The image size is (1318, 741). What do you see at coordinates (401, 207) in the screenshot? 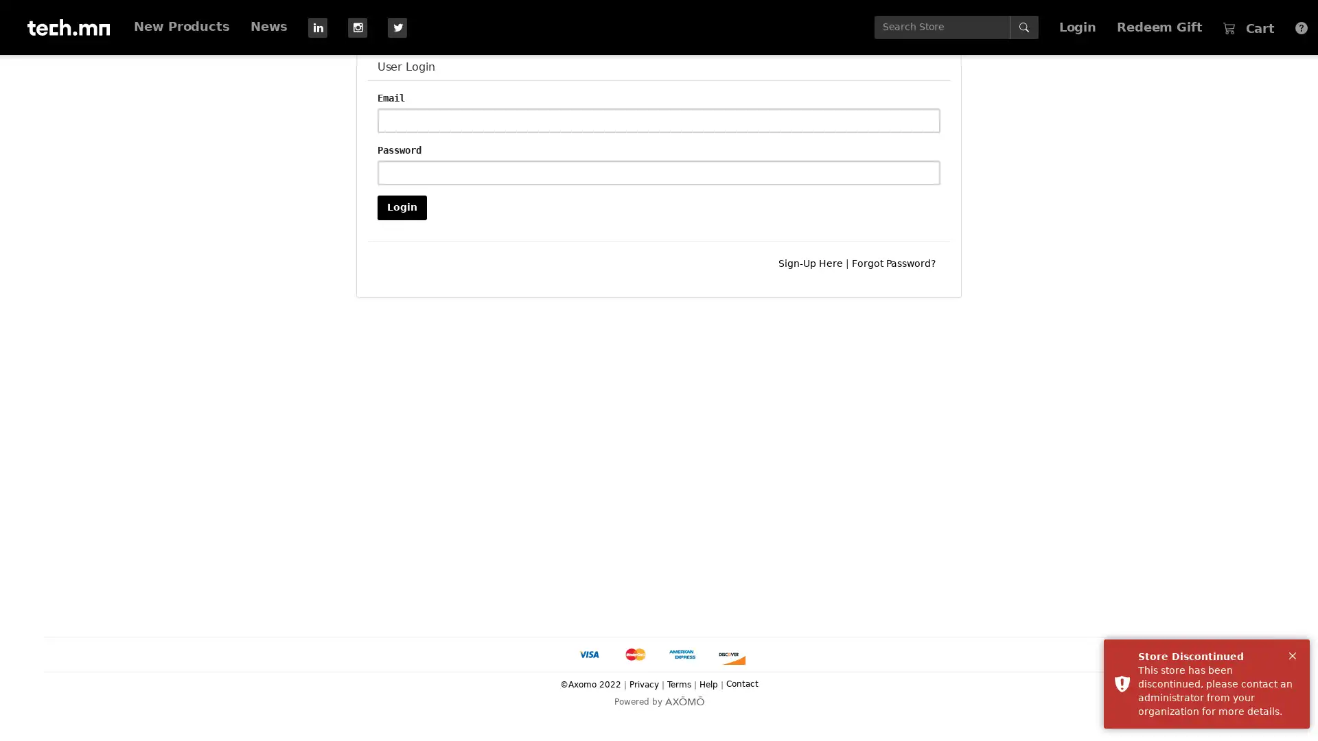
I see `Login` at bounding box center [401, 207].